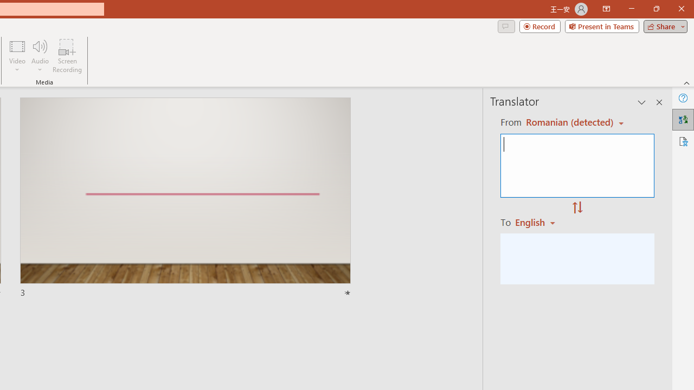  What do you see at coordinates (185, 198) in the screenshot?
I see `'Slide'` at bounding box center [185, 198].